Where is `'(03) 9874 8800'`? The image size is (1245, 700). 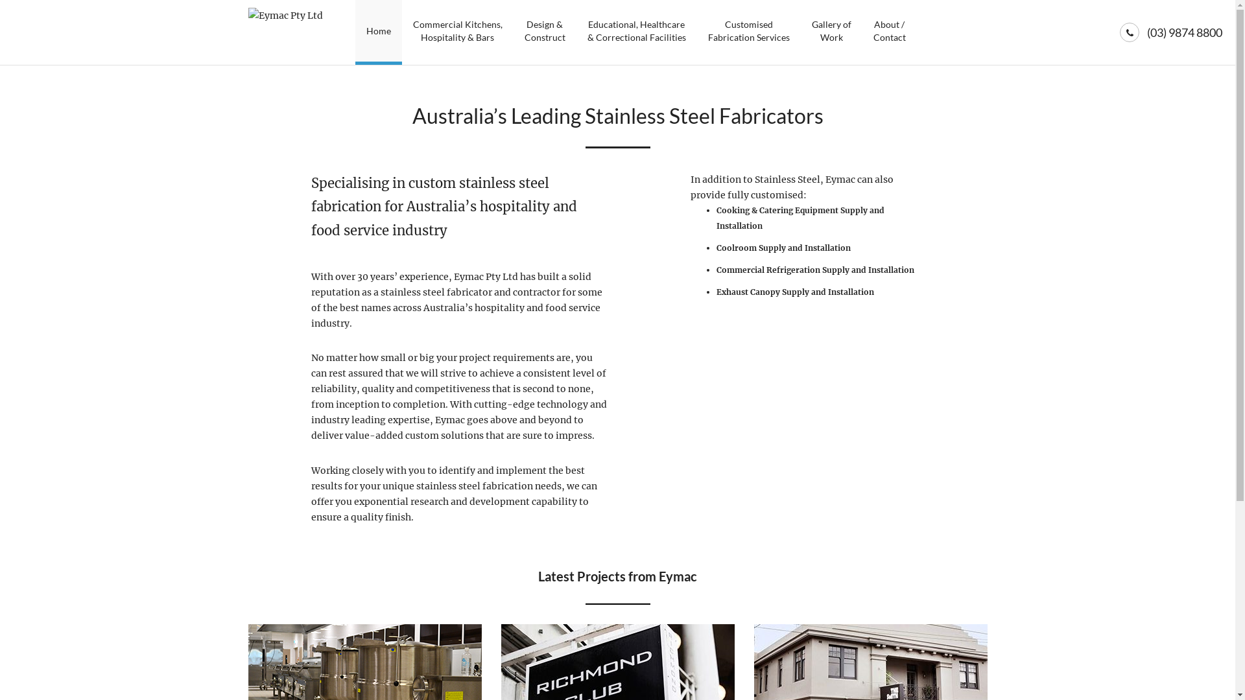 '(03) 9874 8800' is located at coordinates (1185, 32).